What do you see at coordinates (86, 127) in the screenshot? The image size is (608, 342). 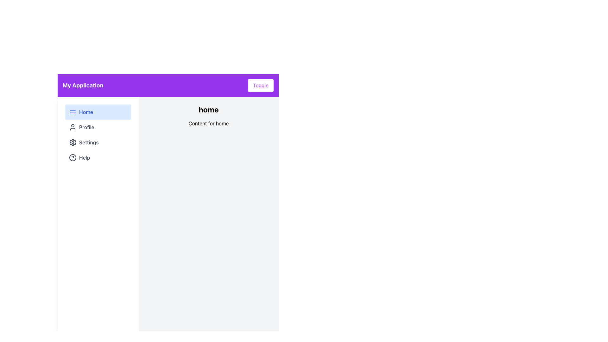 I see `the Text Label in the sidebar that serves as a navigation point to the profile section, located below 'Home' and above 'Settings' and 'Help', aligned with a user profile icon` at bounding box center [86, 127].